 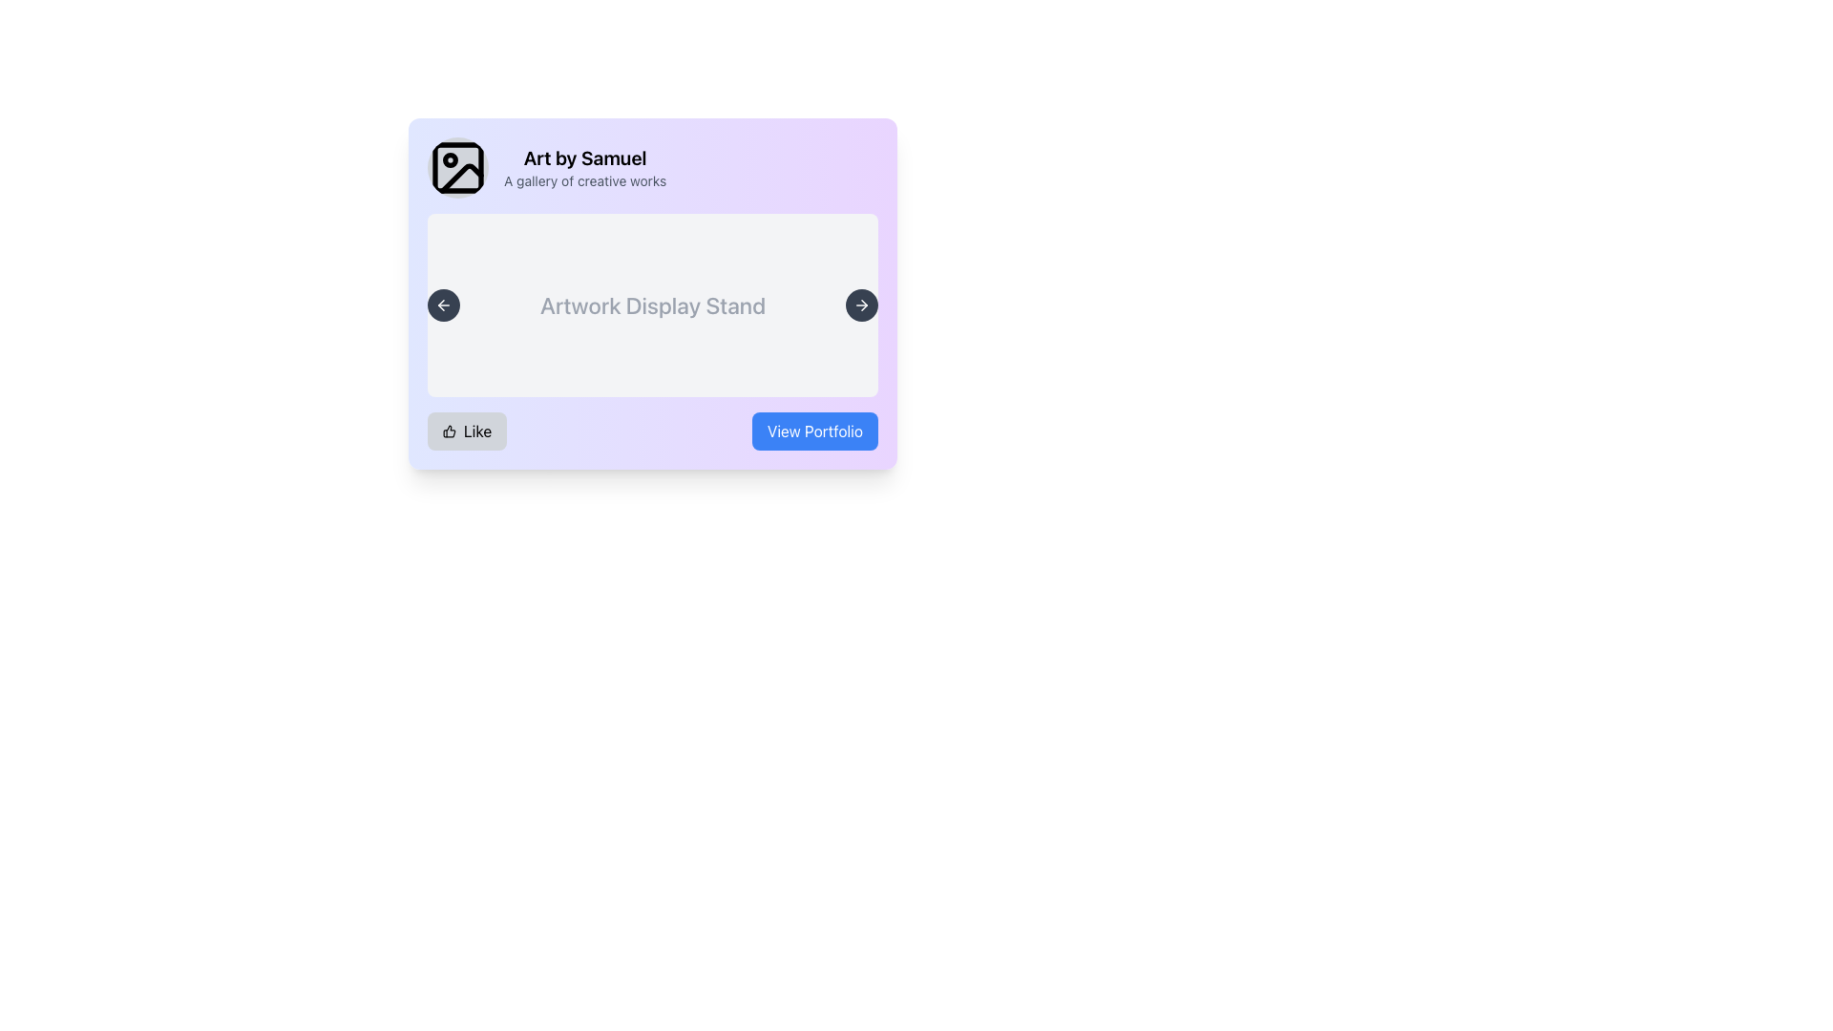 I want to click on the circular button with a left-pointing arrow icon located on the left side of the 'Artwork Display Stand' panel, so click(x=443, y=305).